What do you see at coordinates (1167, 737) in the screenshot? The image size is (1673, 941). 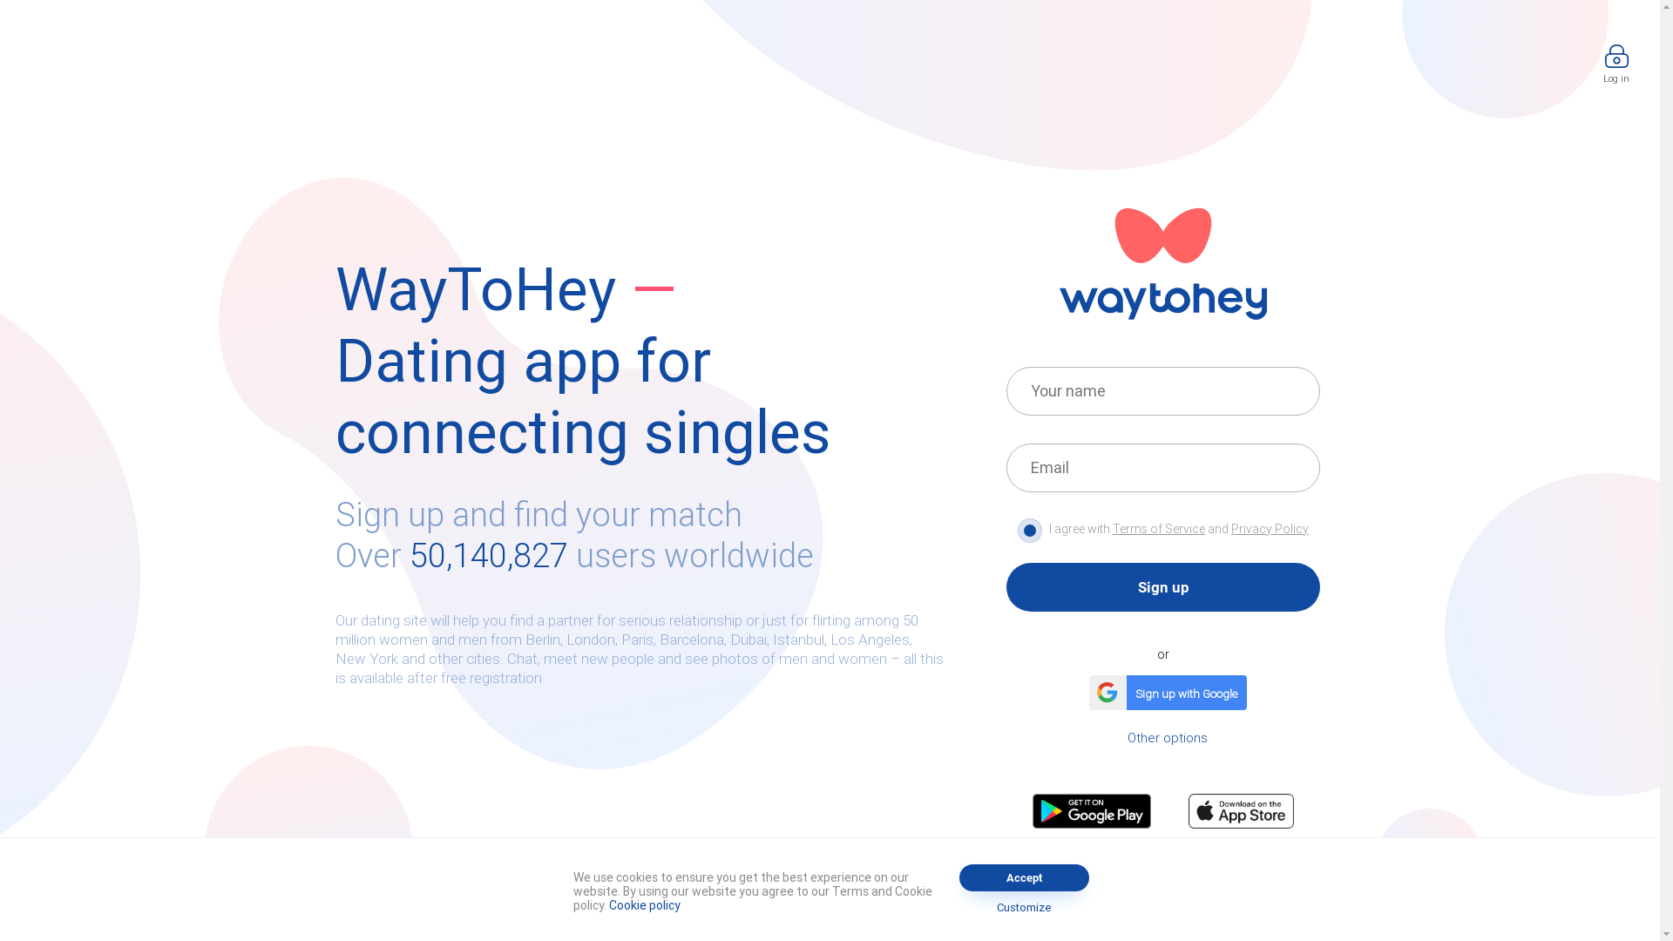 I see `'Other options'` at bounding box center [1167, 737].